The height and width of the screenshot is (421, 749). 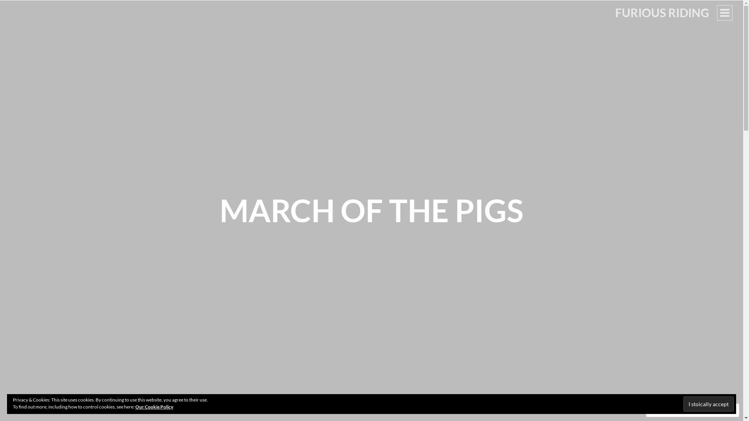 I want to click on 'Our Cookie Policy', so click(x=154, y=406).